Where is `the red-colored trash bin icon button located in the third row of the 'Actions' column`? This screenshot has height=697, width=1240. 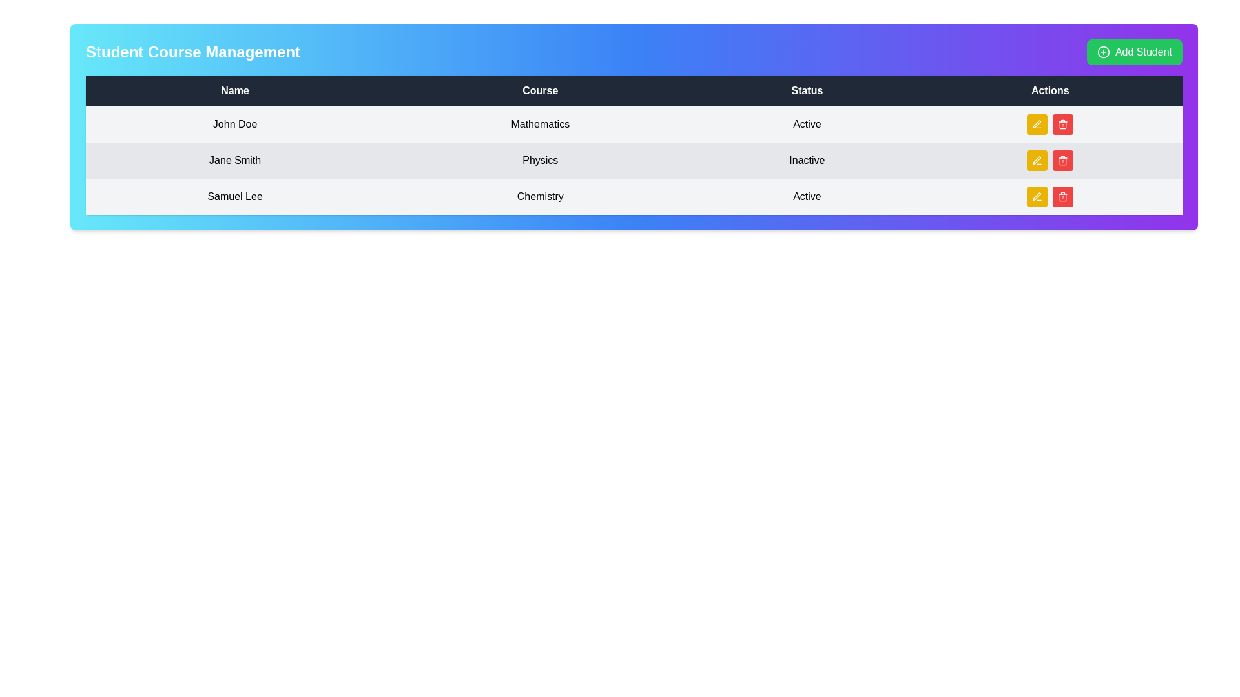
the red-colored trash bin icon button located in the third row of the 'Actions' column is located at coordinates (1063, 160).